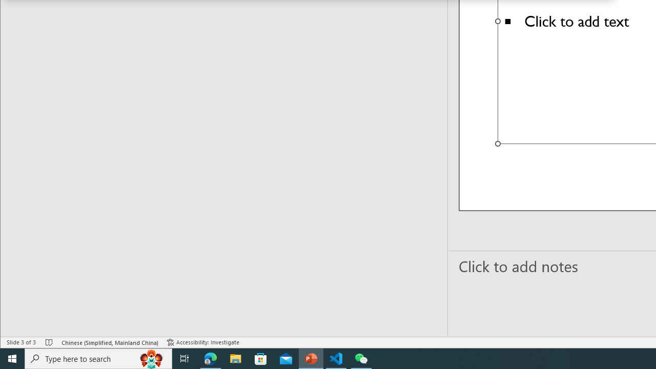  Describe the element at coordinates (311, 358) in the screenshot. I see `'PowerPoint - 1 running window'` at that location.